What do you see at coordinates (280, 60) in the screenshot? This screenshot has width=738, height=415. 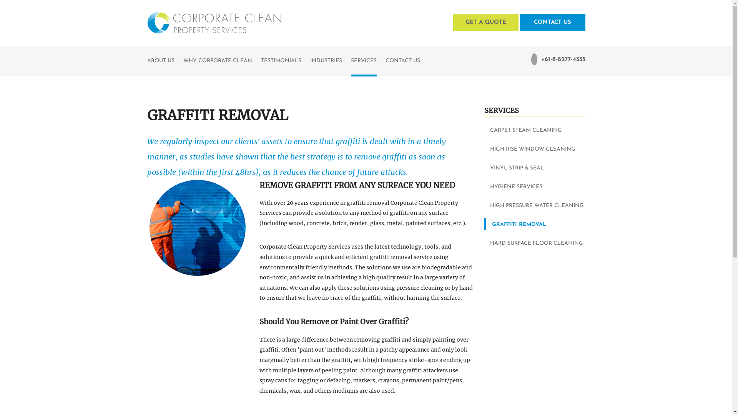 I see `'TESTIMONIALS'` at bounding box center [280, 60].